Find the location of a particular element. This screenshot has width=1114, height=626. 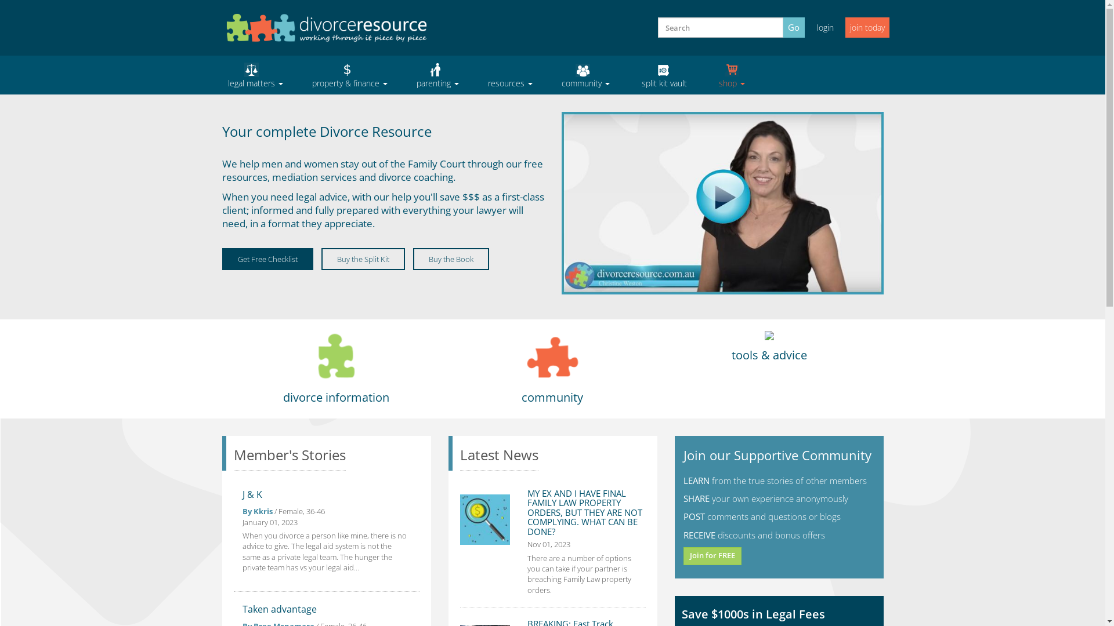

'Buy the Split Kit' is located at coordinates (362, 259).